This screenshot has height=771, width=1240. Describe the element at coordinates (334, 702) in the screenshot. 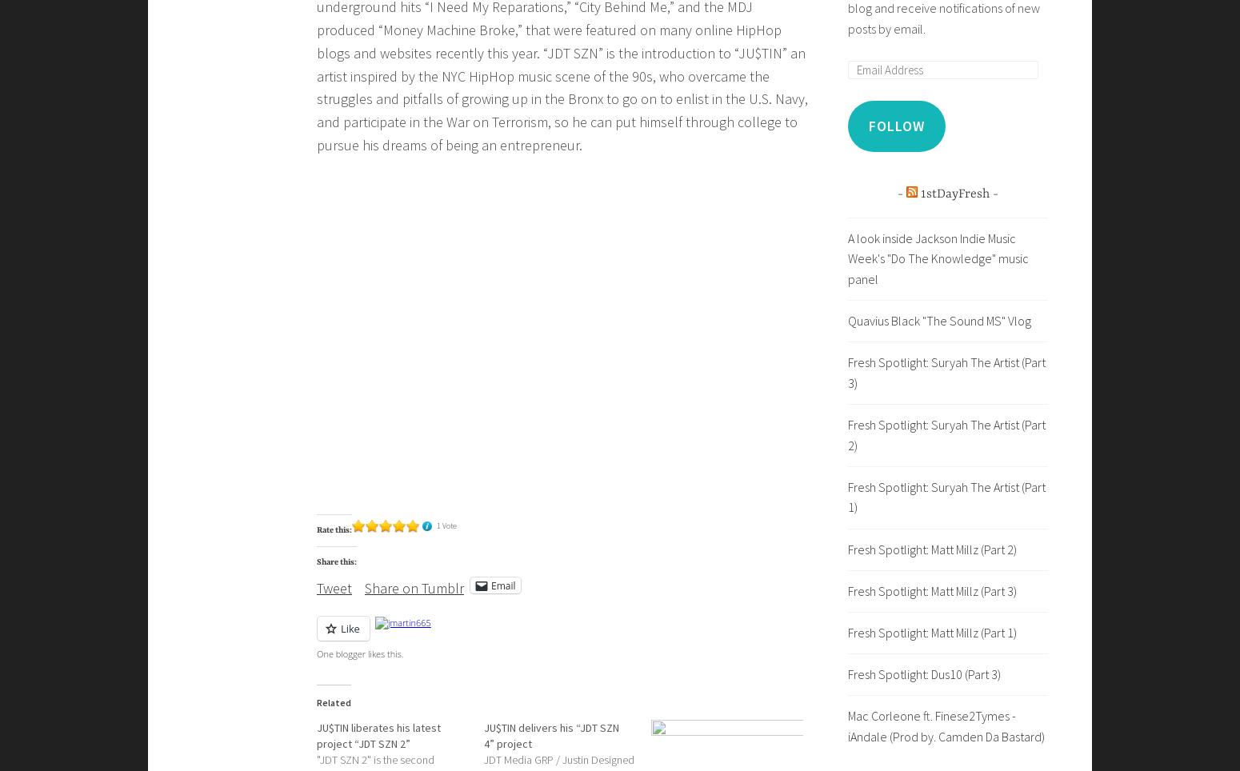

I see `'Related'` at that location.